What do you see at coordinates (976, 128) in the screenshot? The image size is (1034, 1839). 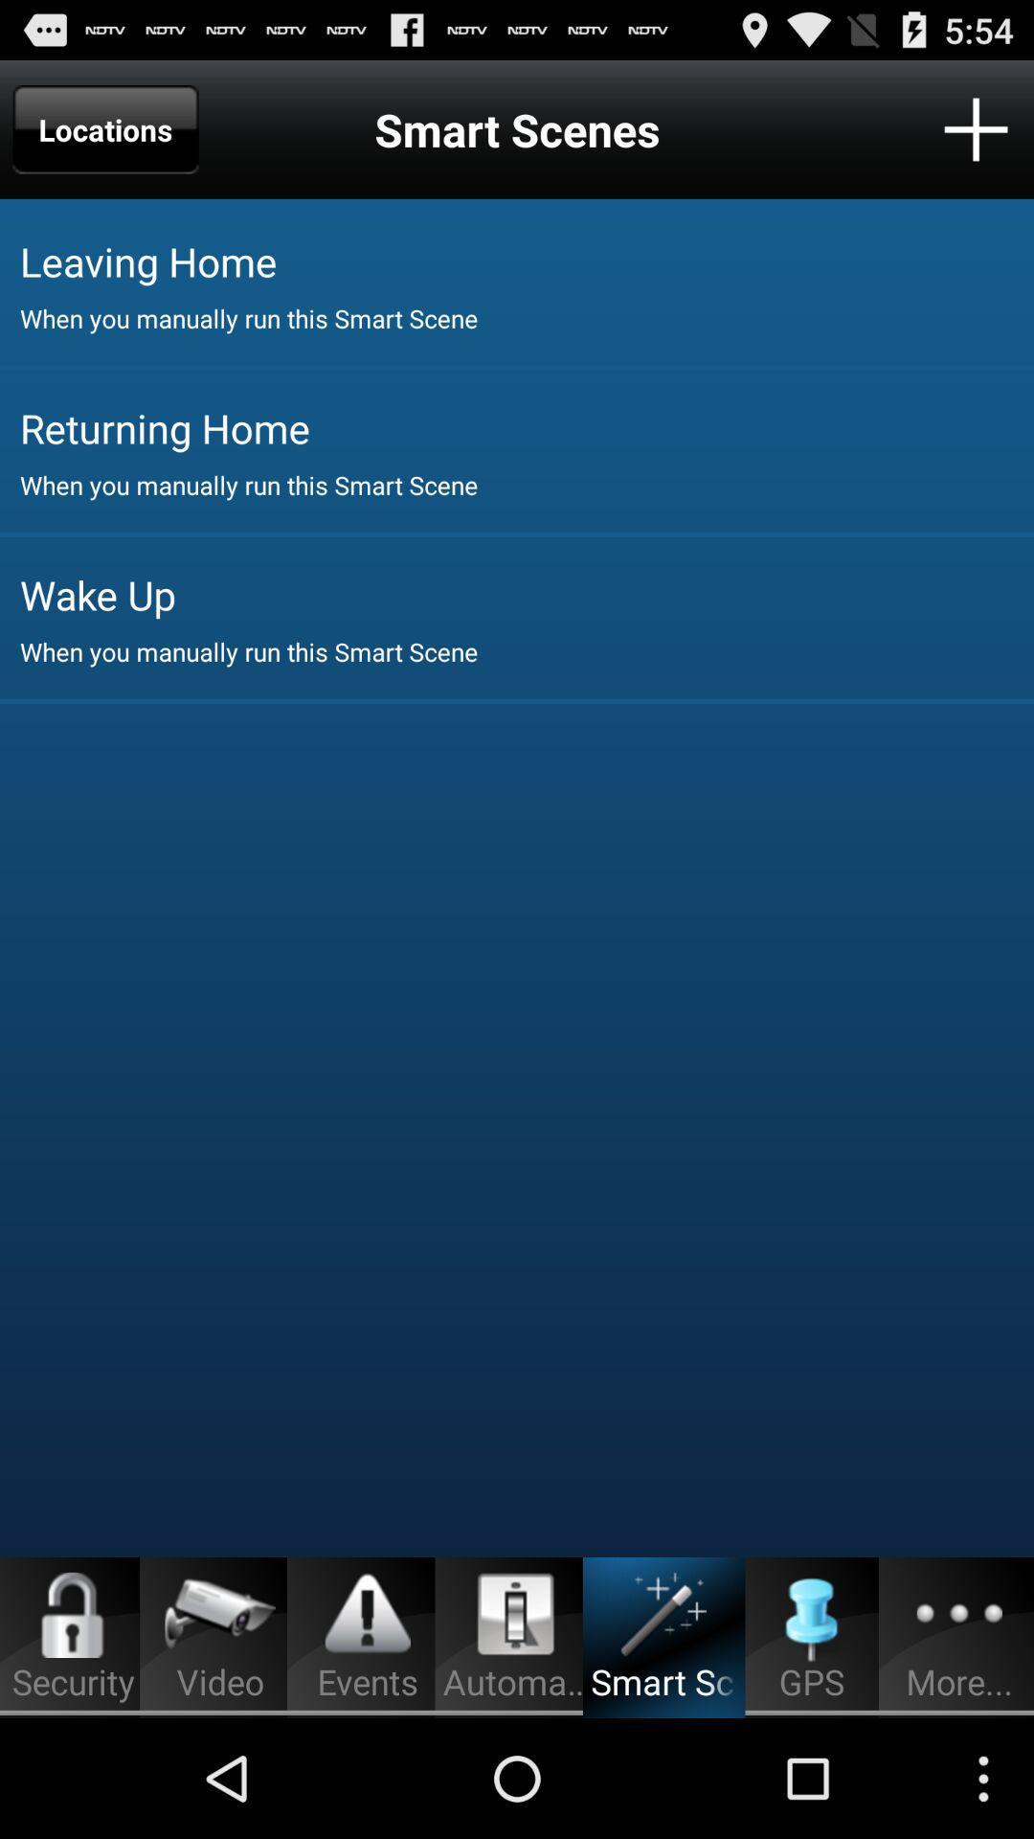 I see `the icon at the top right corner` at bounding box center [976, 128].